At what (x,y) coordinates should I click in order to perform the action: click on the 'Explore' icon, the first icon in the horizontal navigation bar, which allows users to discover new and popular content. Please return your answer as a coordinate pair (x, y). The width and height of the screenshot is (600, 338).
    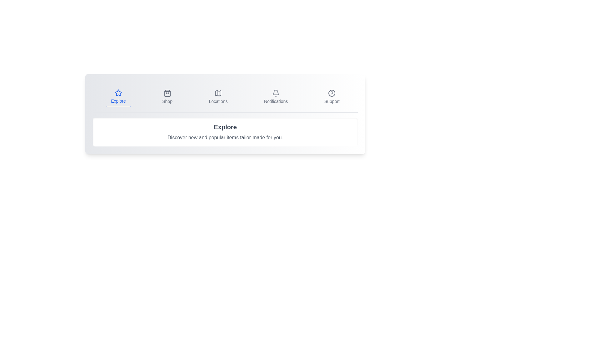
    Looking at the image, I should click on (118, 93).